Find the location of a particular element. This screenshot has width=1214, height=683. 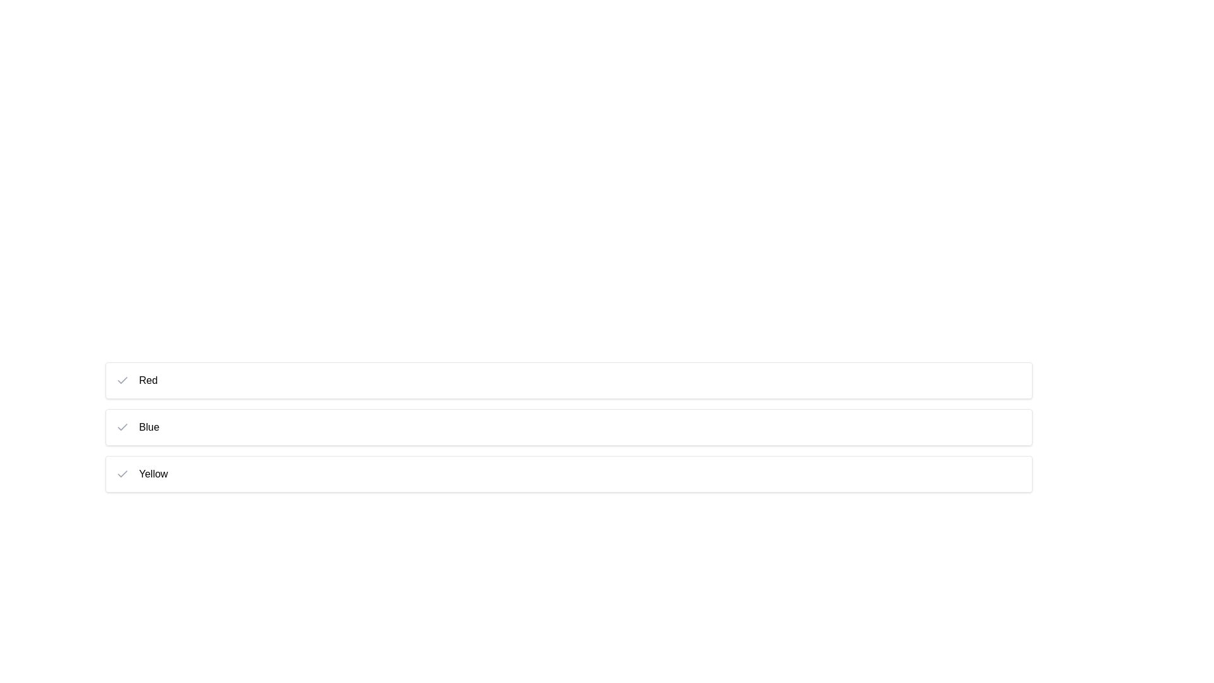

the text label indicating the option 'Yellow', which is positioned next to a checkmark icon in the bottommost selectable item of a vertical list is located at coordinates (152, 474).